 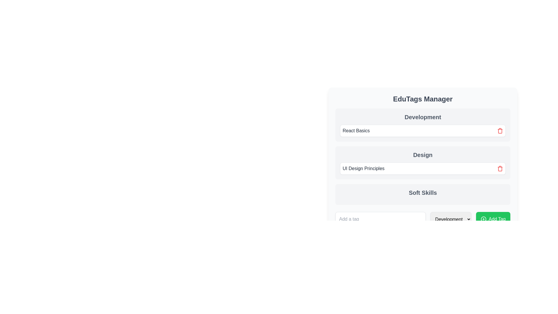 What do you see at coordinates (500, 131) in the screenshot?
I see `the delete button located at the far-right end of the row labeled 'React Basics'` at bounding box center [500, 131].